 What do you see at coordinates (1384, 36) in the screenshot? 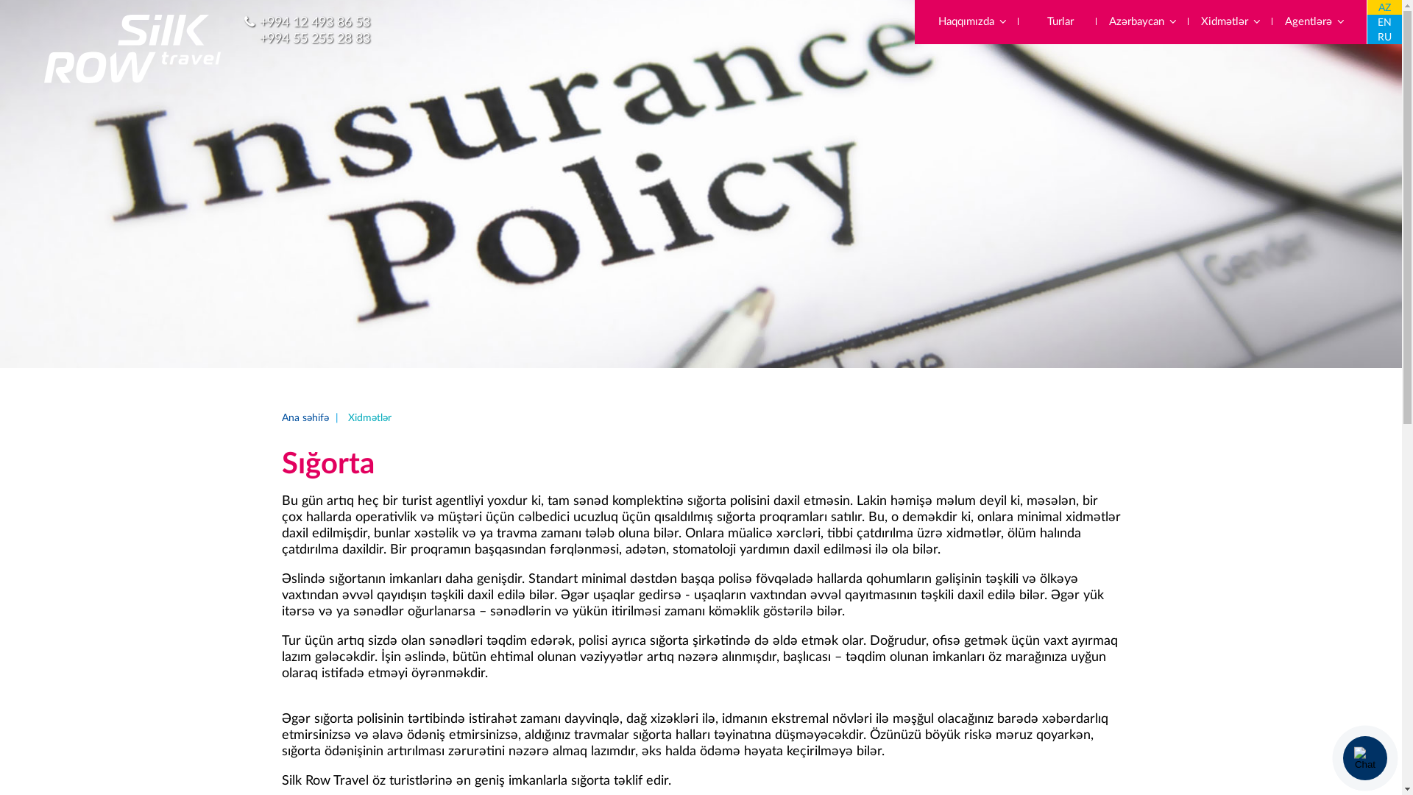
I see `'RU'` at bounding box center [1384, 36].